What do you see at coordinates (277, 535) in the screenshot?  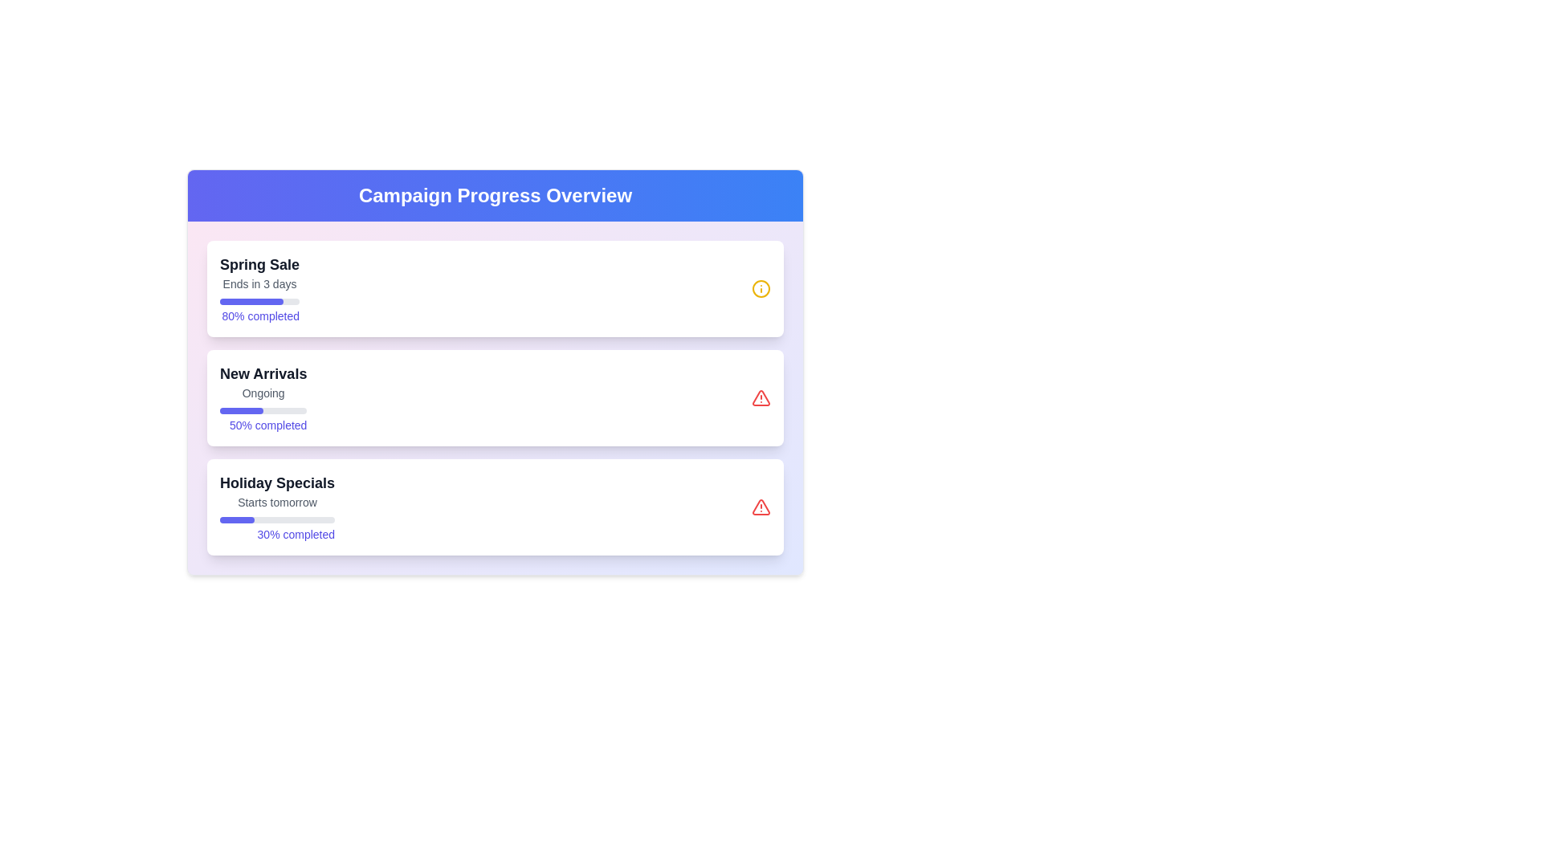 I see `the Text Label displaying '30% completed', which is located at the bottom-right side under the progress bar in the 'Holiday Specials' section` at bounding box center [277, 535].